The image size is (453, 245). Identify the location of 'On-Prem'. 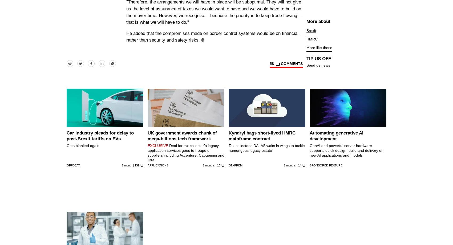
(236, 165).